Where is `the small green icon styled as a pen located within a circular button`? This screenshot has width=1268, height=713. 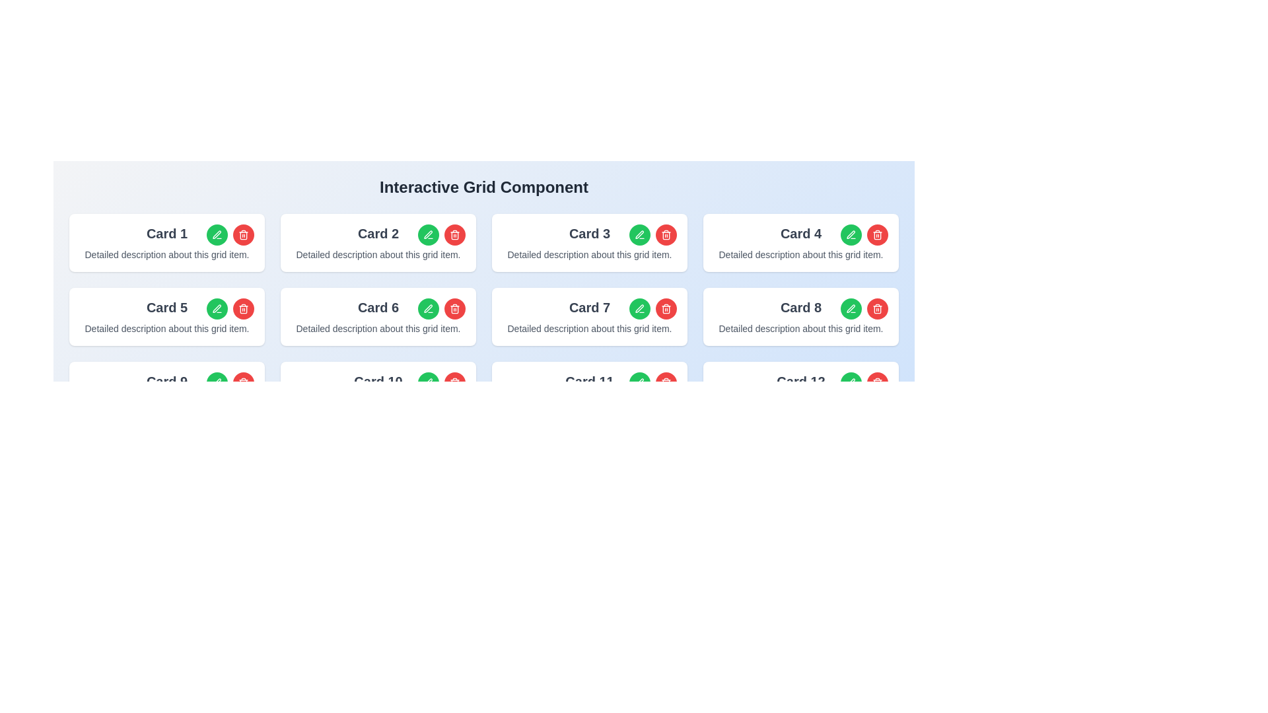
the small green icon styled as a pen located within a circular button is located at coordinates (217, 234).